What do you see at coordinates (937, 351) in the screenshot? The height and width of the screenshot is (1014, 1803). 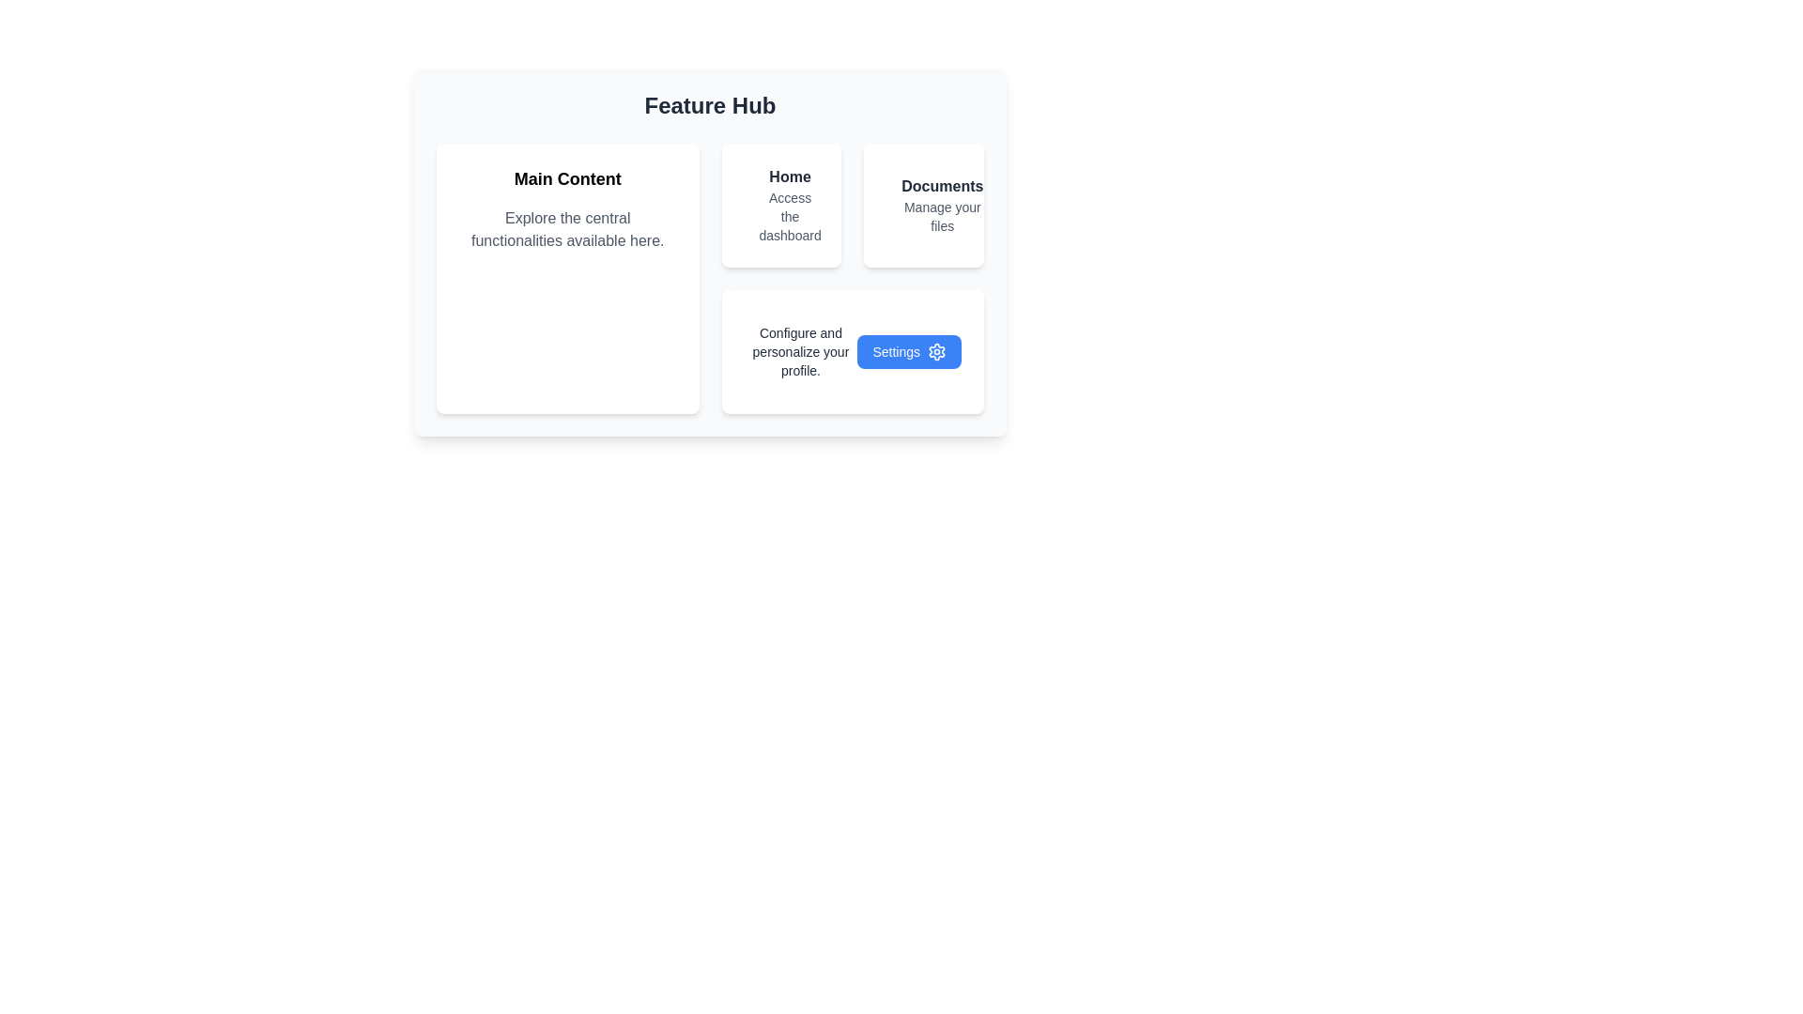 I see `the Vector graphic component of the 'Settings' icon located in the bottom-right card of the feature hub section` at bounding box center [937, 351].